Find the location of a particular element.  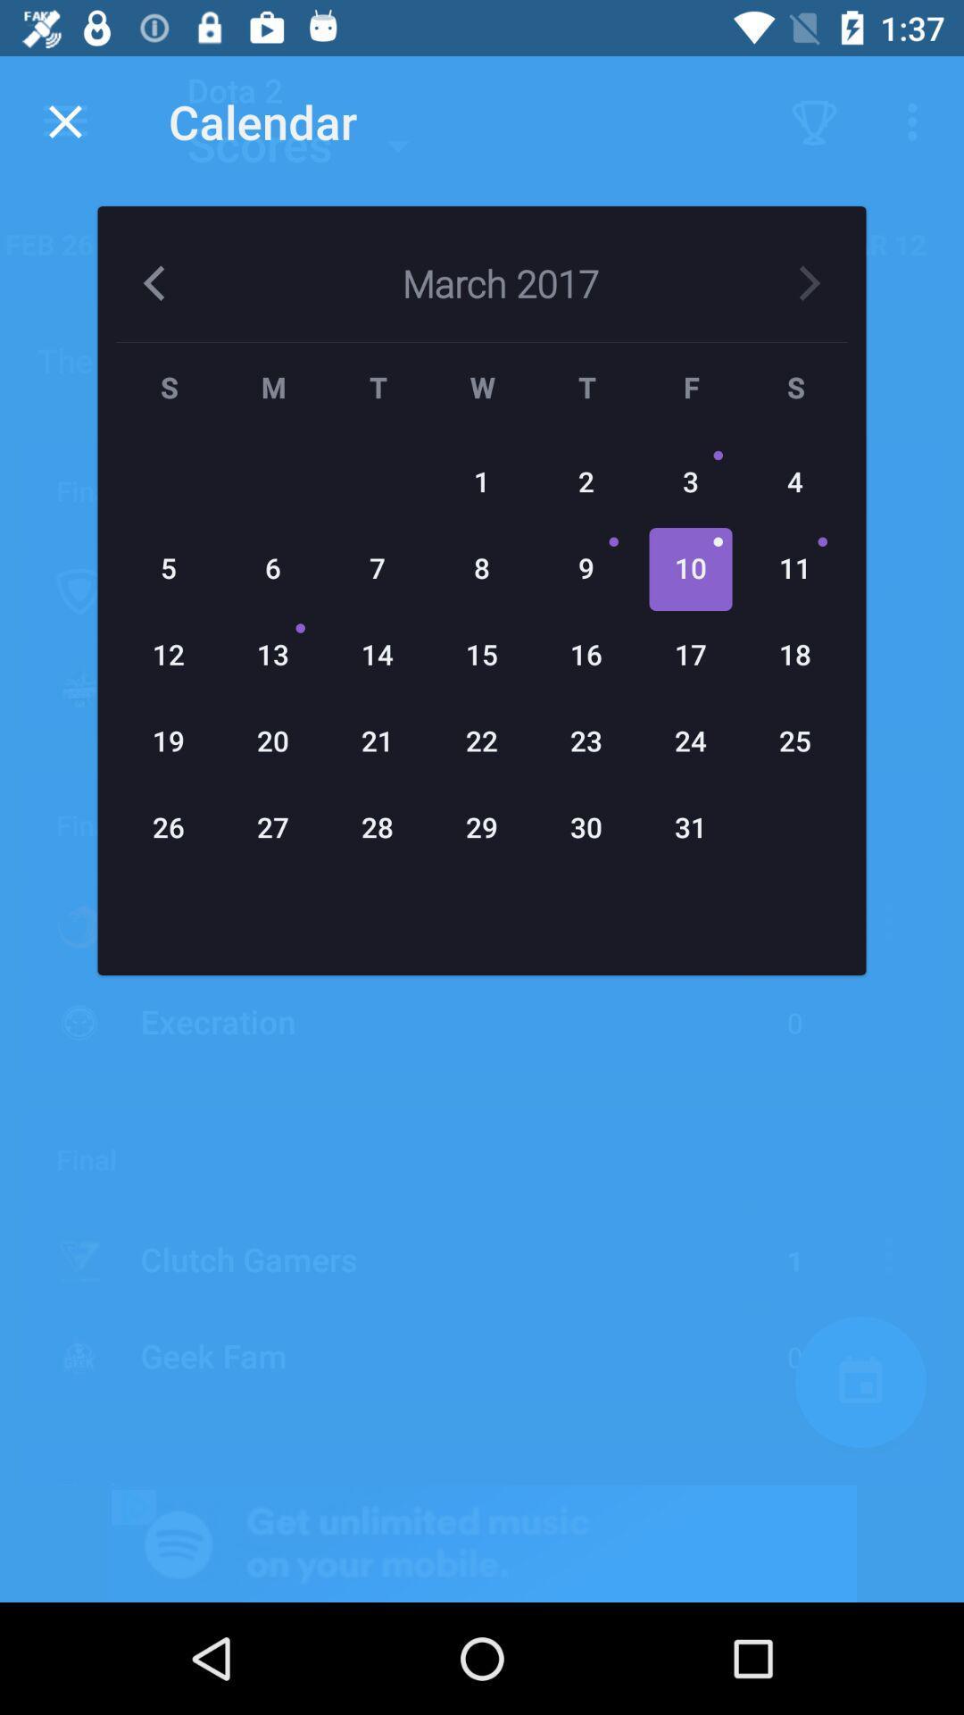

delte the calender is located at coordinates (64, 121).